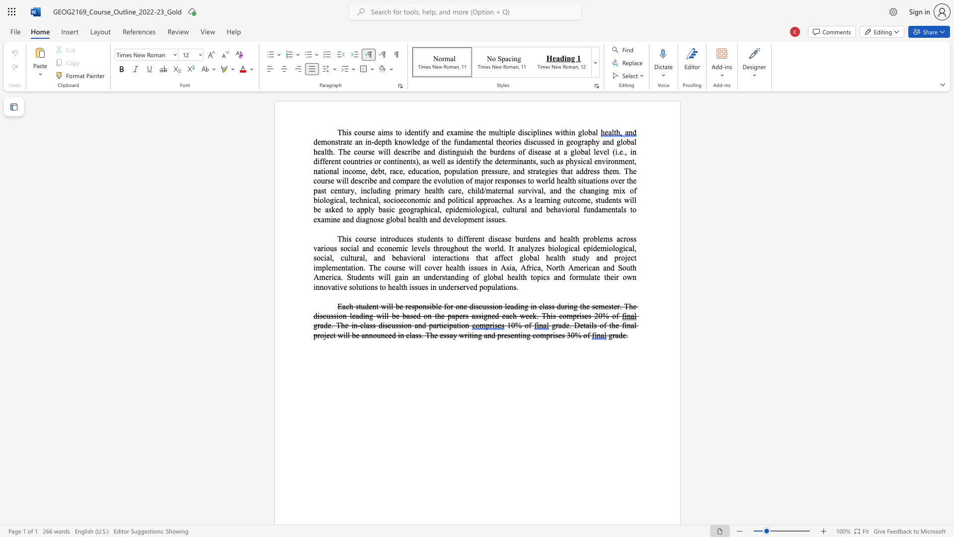 The image size is (954, 537). Describe the element at coordinates (339, 132) in the screenshot. I see `the 1th character "T" in the text` at that location.